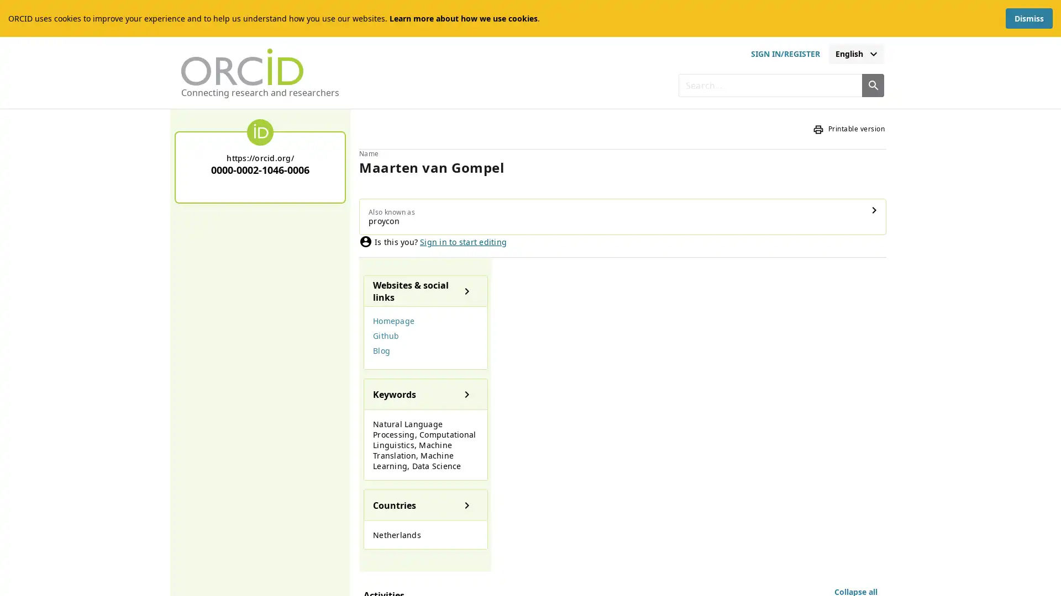 This screenshot has width=1061, height=596. Describe the element at coordinates (843, 461) in the screenshot. I see `Show more detail` at that location.